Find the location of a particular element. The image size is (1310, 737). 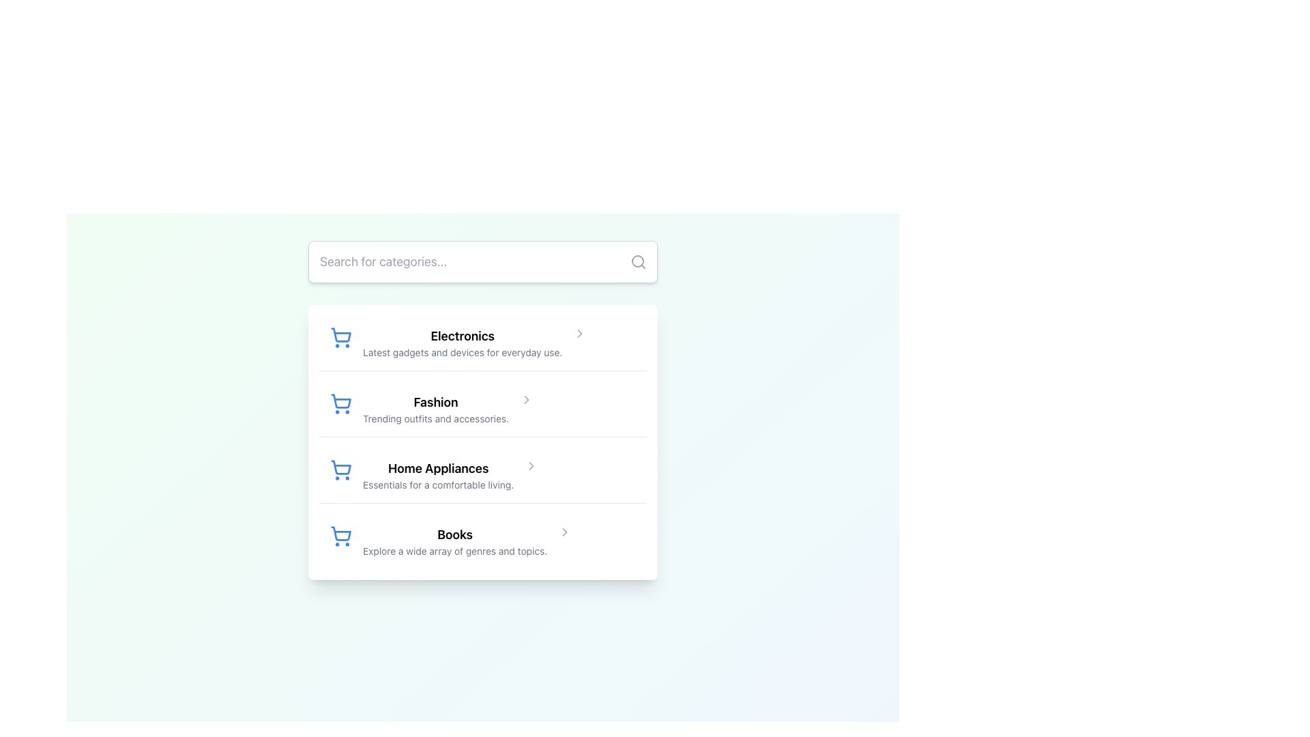

the text label that describes the category 'Home Appliances' in the selection list, which is the third item from the top, positioned above 'Essentials for a comfortable living.' is located at coordinates (438, 467).